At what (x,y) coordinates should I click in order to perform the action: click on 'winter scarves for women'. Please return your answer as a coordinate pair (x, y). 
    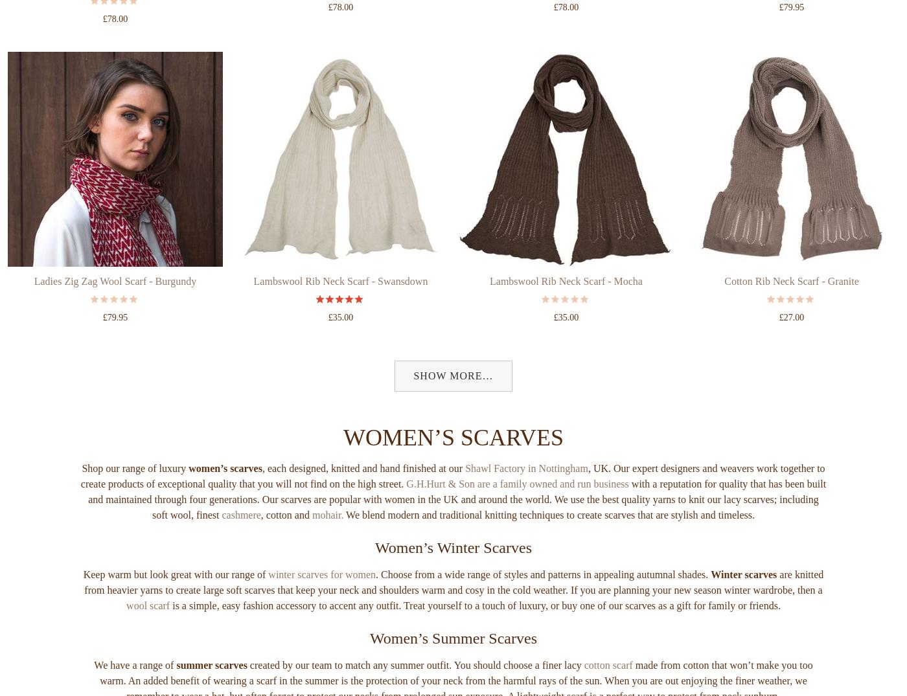
    Looking at the image, I should click on (268, 623).